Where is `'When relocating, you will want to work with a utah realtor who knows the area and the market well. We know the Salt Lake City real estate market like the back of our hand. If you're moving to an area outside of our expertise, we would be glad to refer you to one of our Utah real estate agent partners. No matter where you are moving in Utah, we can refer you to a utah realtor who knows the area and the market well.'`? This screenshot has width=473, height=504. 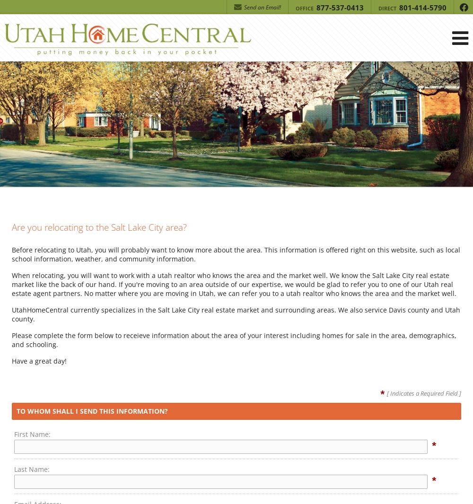
'When relocating, you will want to work with a utah realtor who knows the area and the market well. We know the Salt Lake City real estate market like the back of our hand. If you're moving to an area outside of our expertise, we would be glad to refer you to one of our Utah real estate agent partners. No matter where you are moving in Utah, we can refer you to a utah realtor who knows the area and the market well.' is located at coordinates (12, 284).